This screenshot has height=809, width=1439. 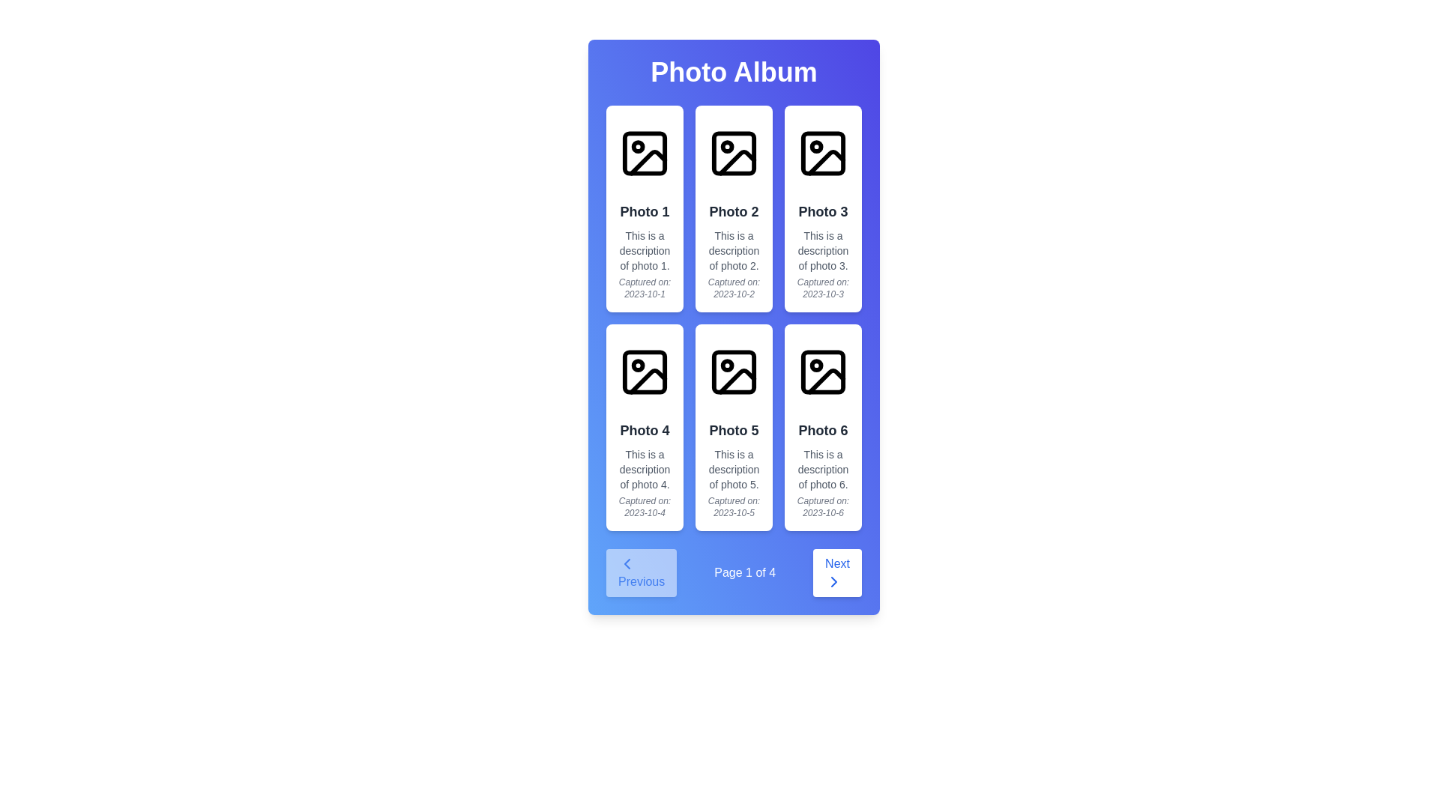 What do you see at coordinates (645, 469) in the screenshot?
I see `the text 'This is a description of photo 4.' located beneath the title 'Photo 4' in the fourth card of the photo gallery` at bounding box center [645, 469].